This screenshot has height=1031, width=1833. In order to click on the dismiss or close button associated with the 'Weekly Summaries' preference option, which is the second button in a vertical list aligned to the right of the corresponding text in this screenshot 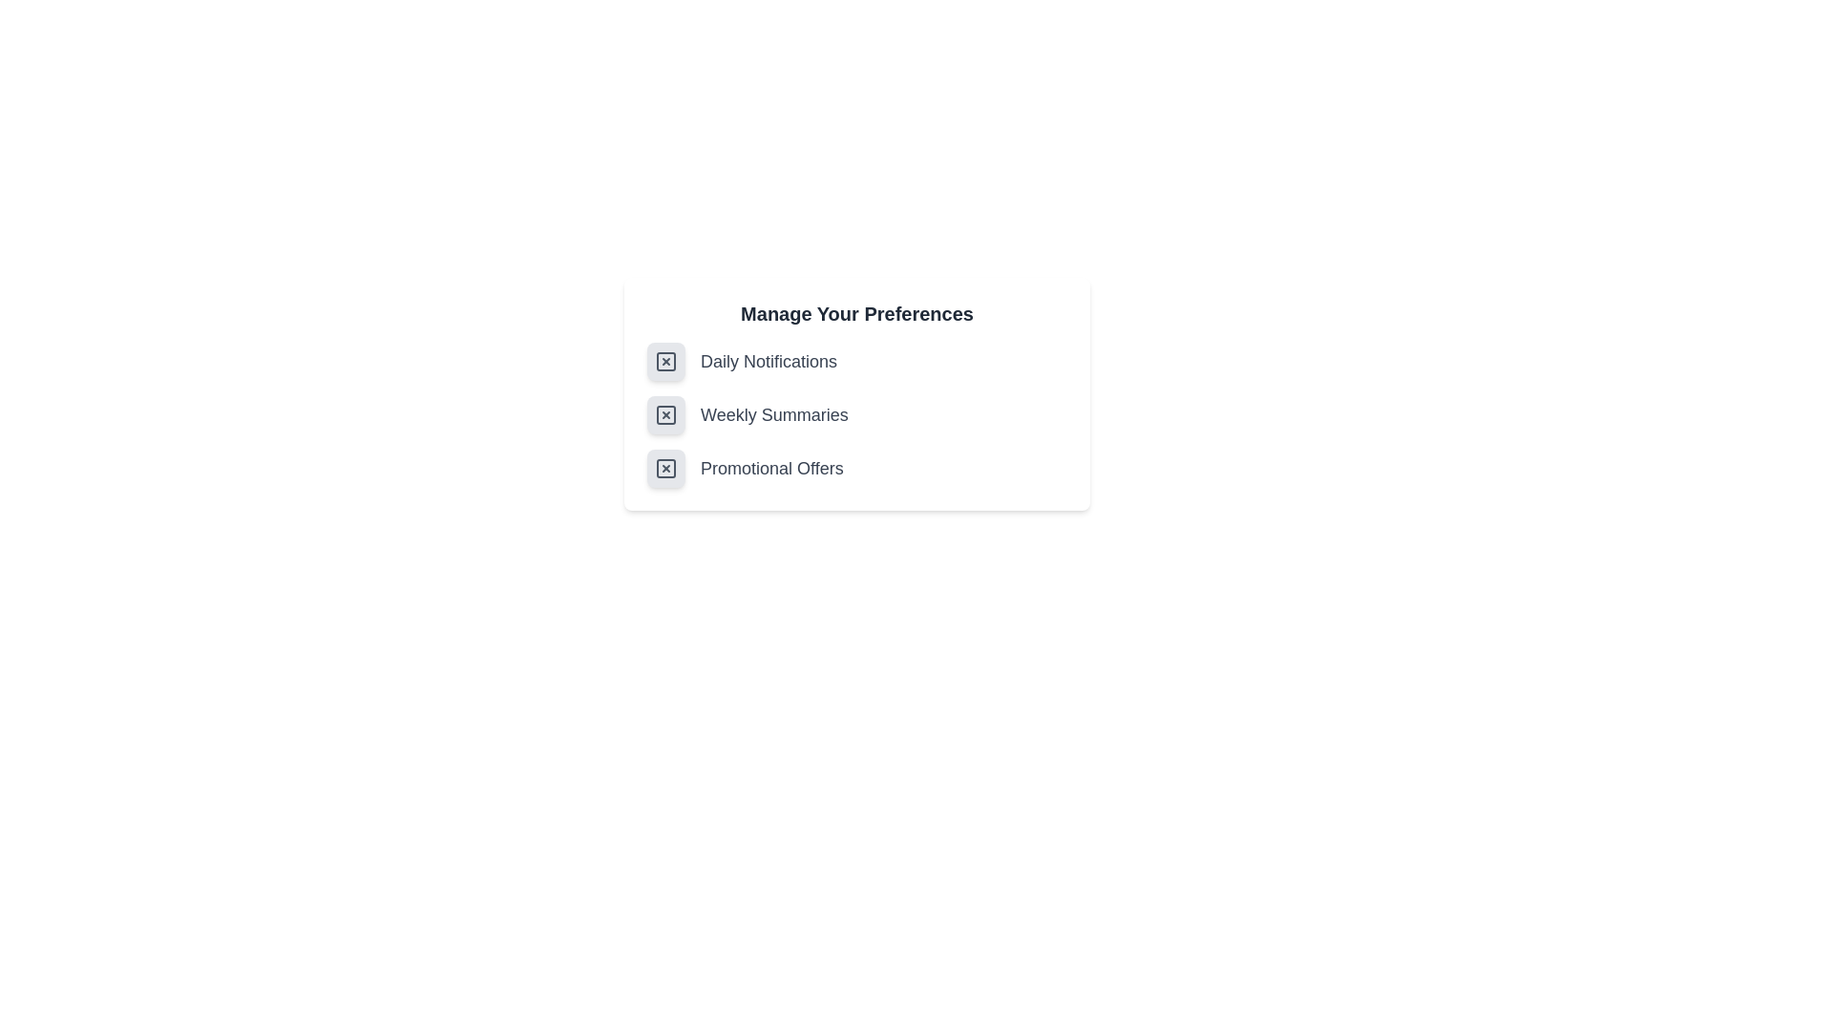, I will do `click(665, 414)`.